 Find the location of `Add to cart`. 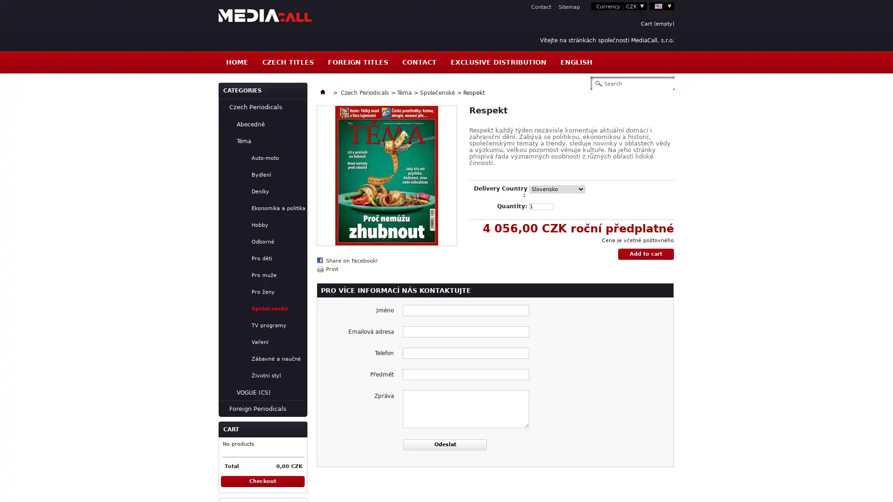

Add to cart is located at coordinates (645, 254).